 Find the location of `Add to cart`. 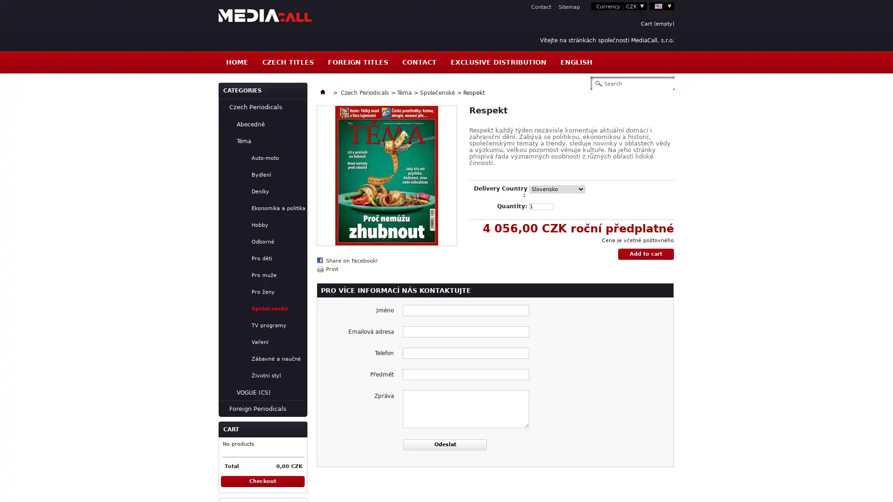

Add to cart is located at coordinates (645, 254).